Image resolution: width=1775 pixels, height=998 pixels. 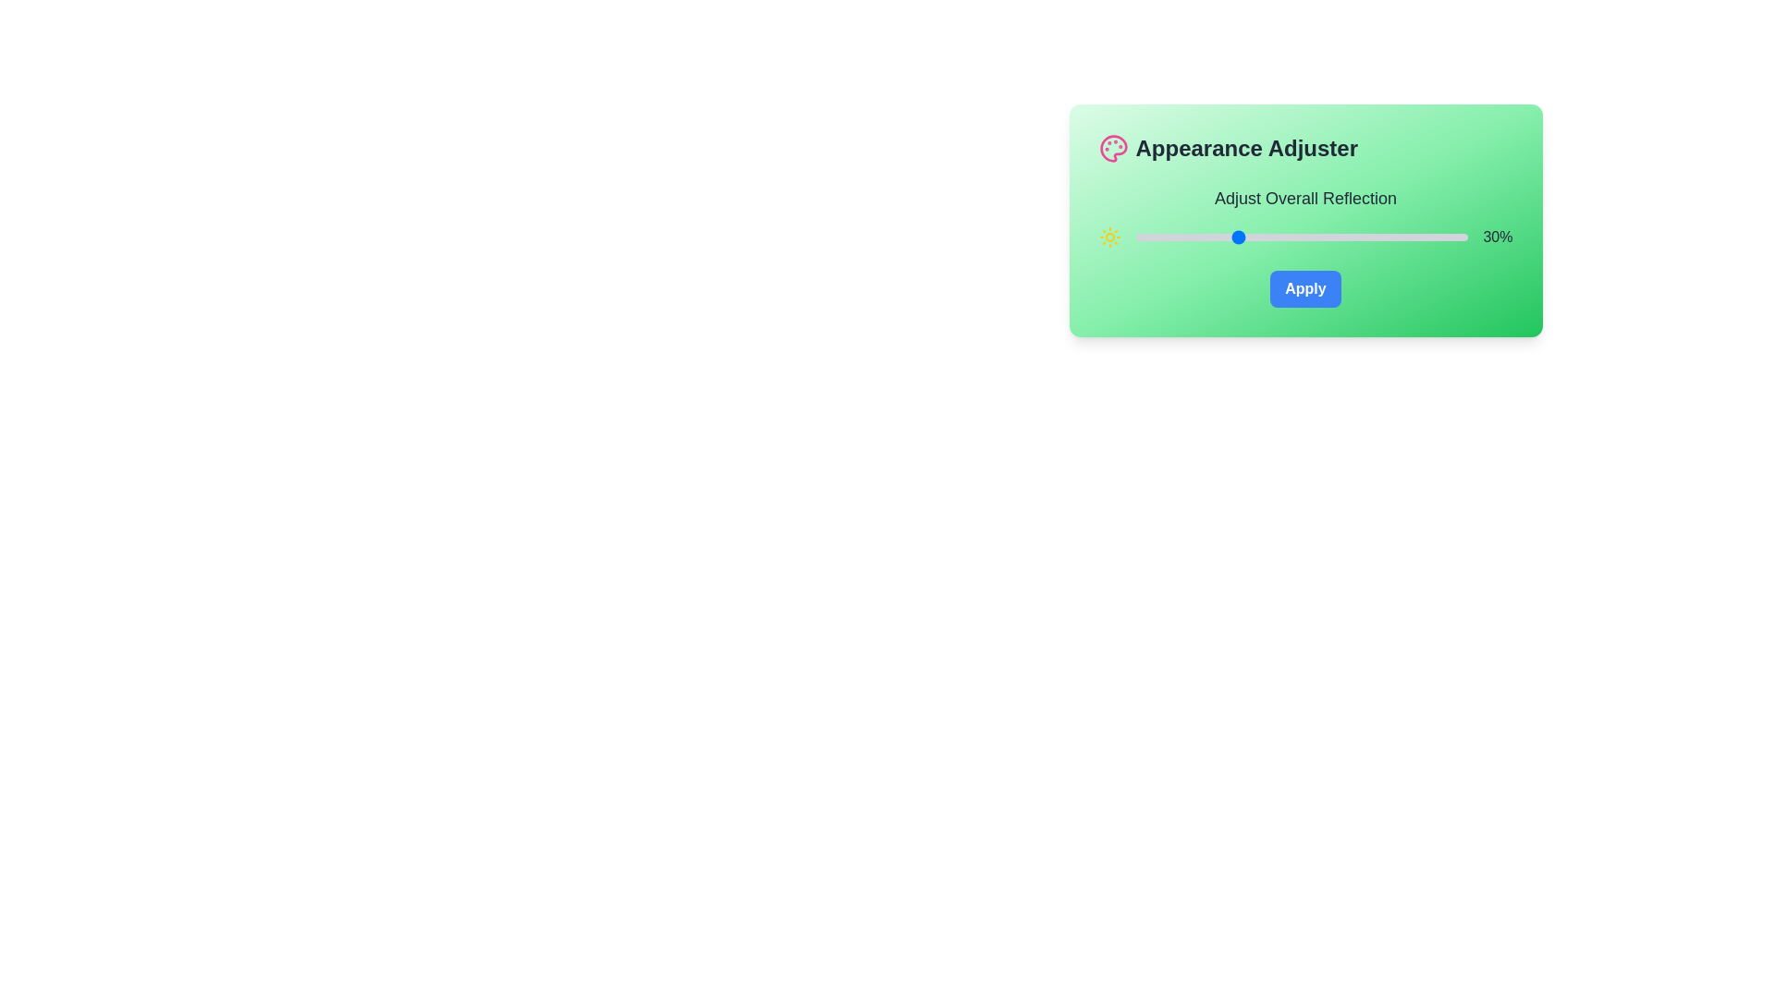 I want to click on the Apply button to apply the changes, so click(x=1304, y=288).